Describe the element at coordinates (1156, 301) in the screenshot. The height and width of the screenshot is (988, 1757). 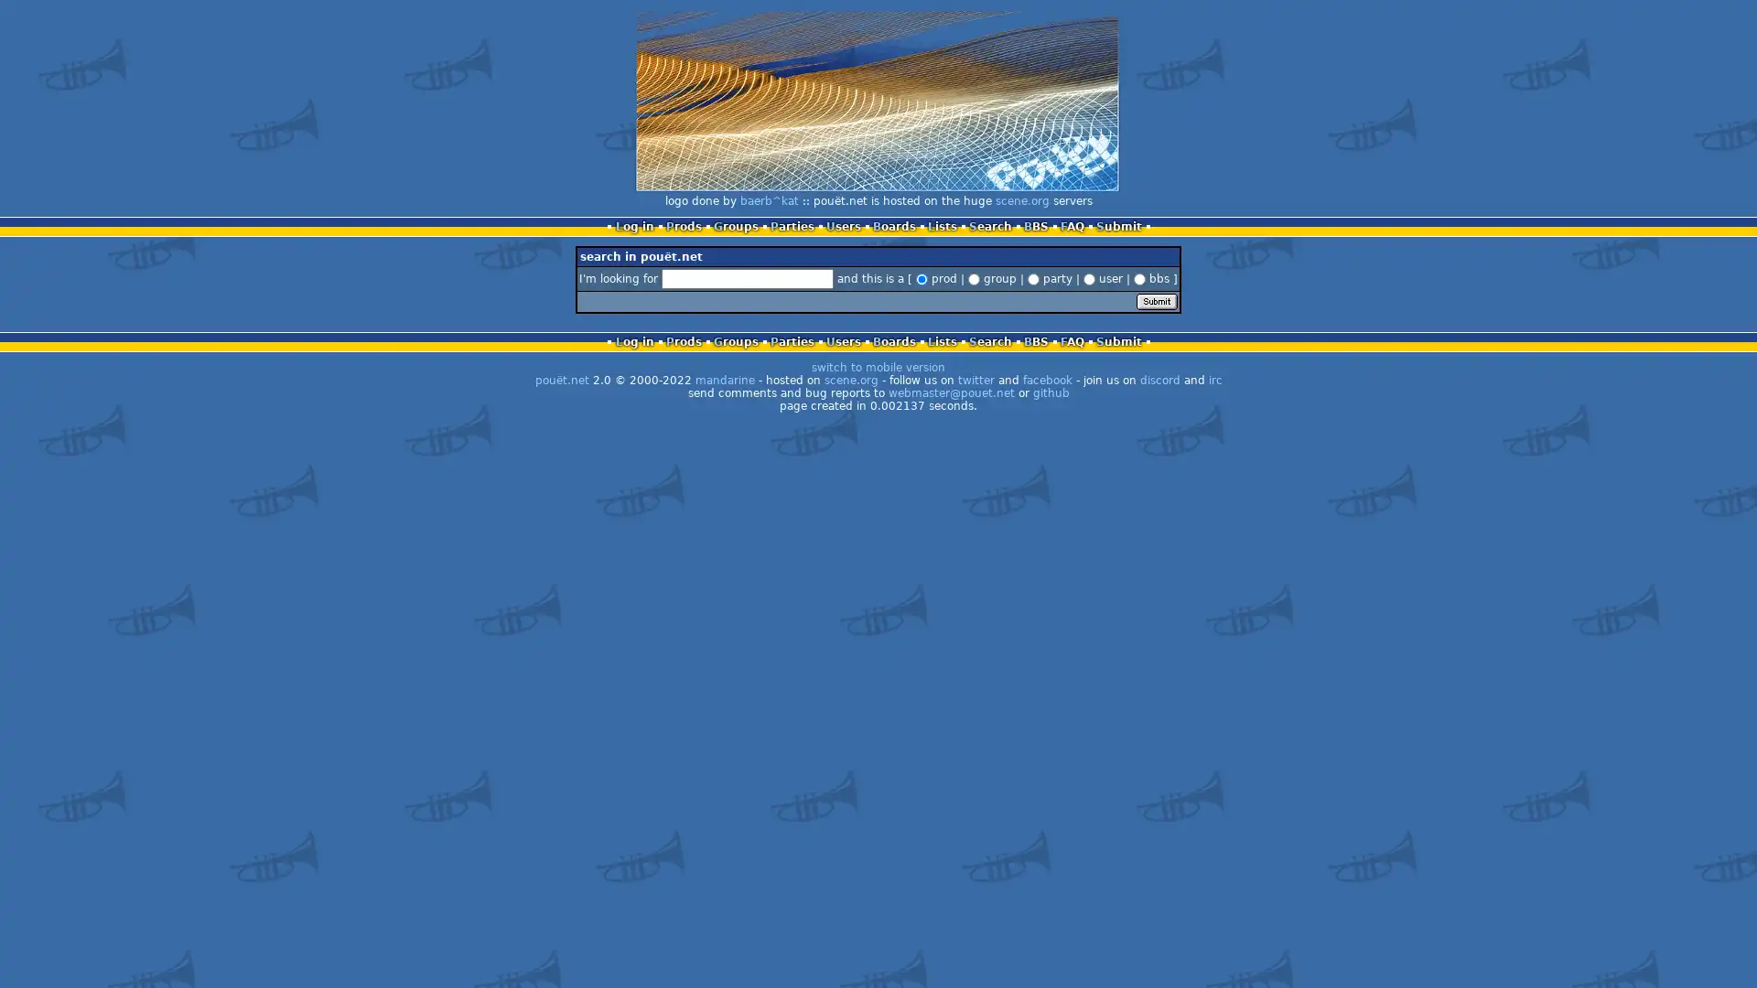
I see `Submit` at that location.